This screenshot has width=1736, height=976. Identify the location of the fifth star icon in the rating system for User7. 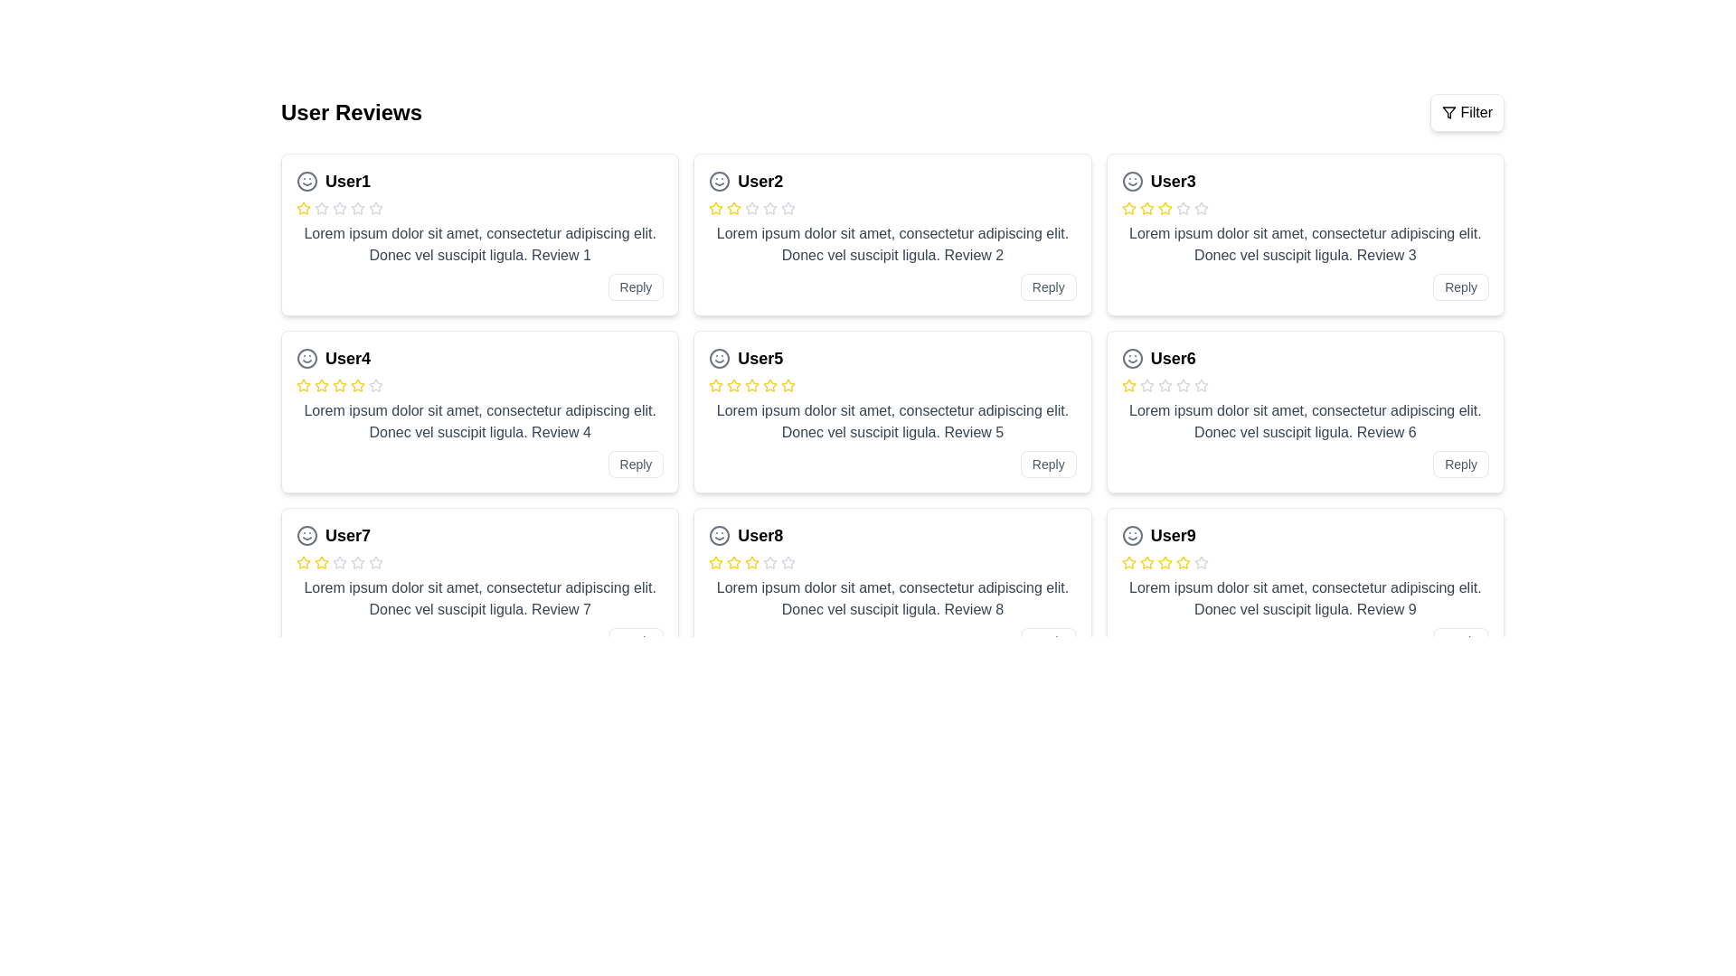
(339, 562).